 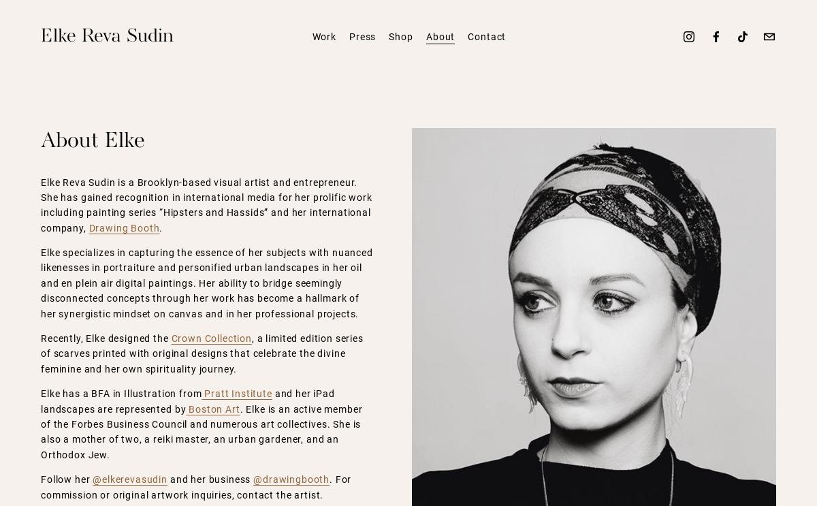 I want to click on 'Pratt Institute', so click(x=236, y=393).